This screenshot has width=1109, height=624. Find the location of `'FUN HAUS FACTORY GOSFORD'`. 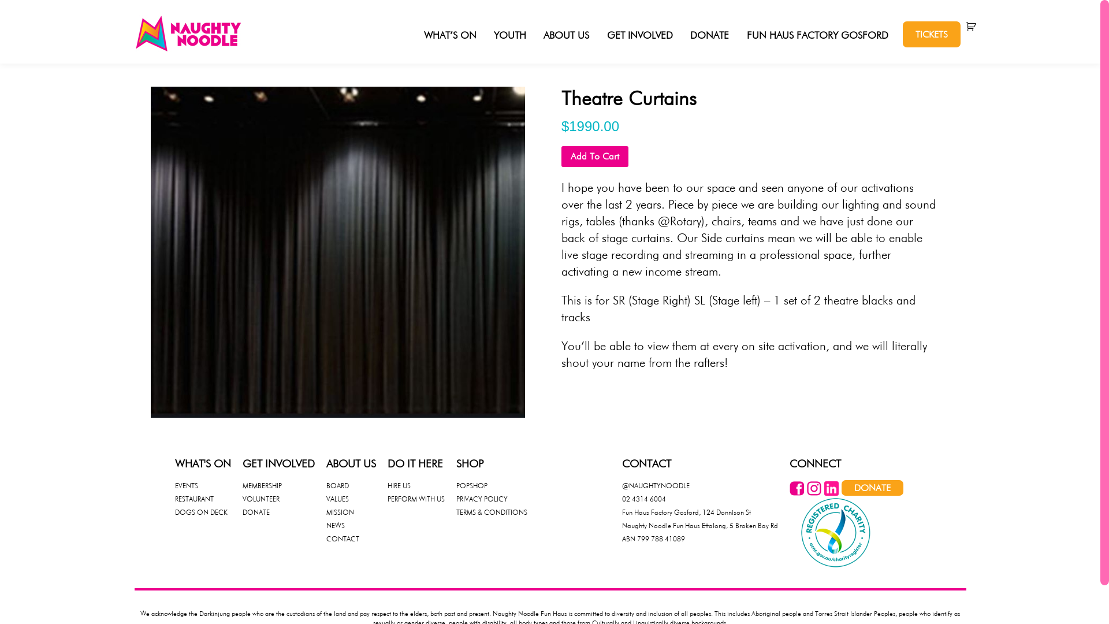

'FUN HAUS FACTORY GOSFORD' is located at coordinates (816, 35).